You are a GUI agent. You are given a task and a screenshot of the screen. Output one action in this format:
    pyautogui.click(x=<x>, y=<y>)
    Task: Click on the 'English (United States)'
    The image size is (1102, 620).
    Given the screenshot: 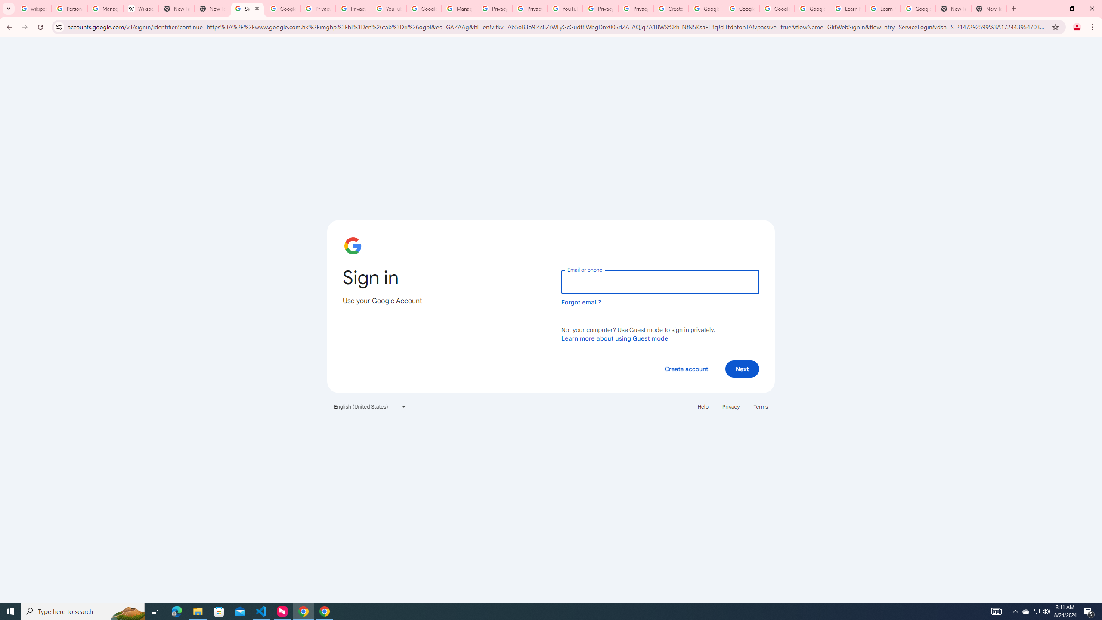 What is the action you would take?
    pyautogui.click(x=370, y=406)
    